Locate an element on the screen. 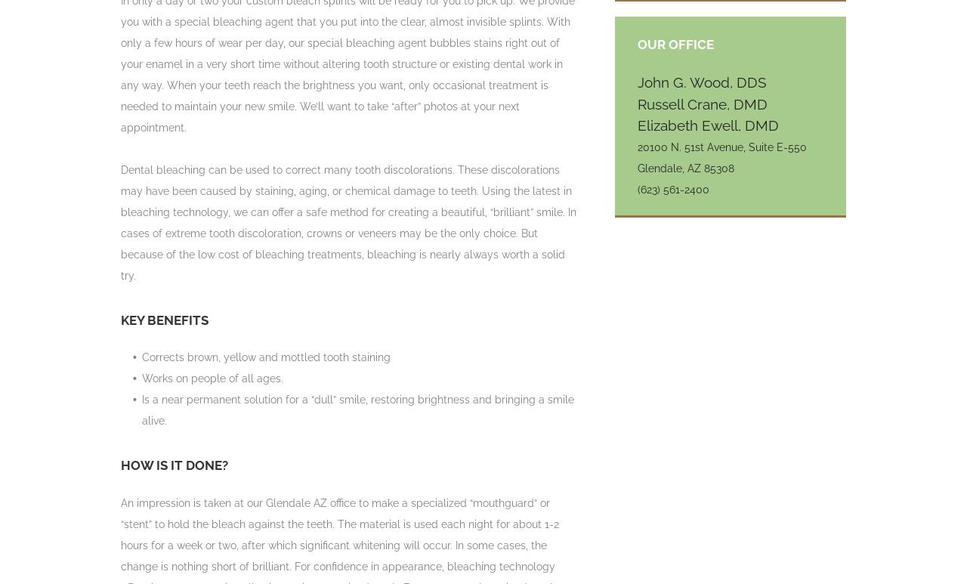 Image resolution: width=967 pixels, height=584 pixels. 'HOW IS IT DONE?' is located at coordinates (175, 465).